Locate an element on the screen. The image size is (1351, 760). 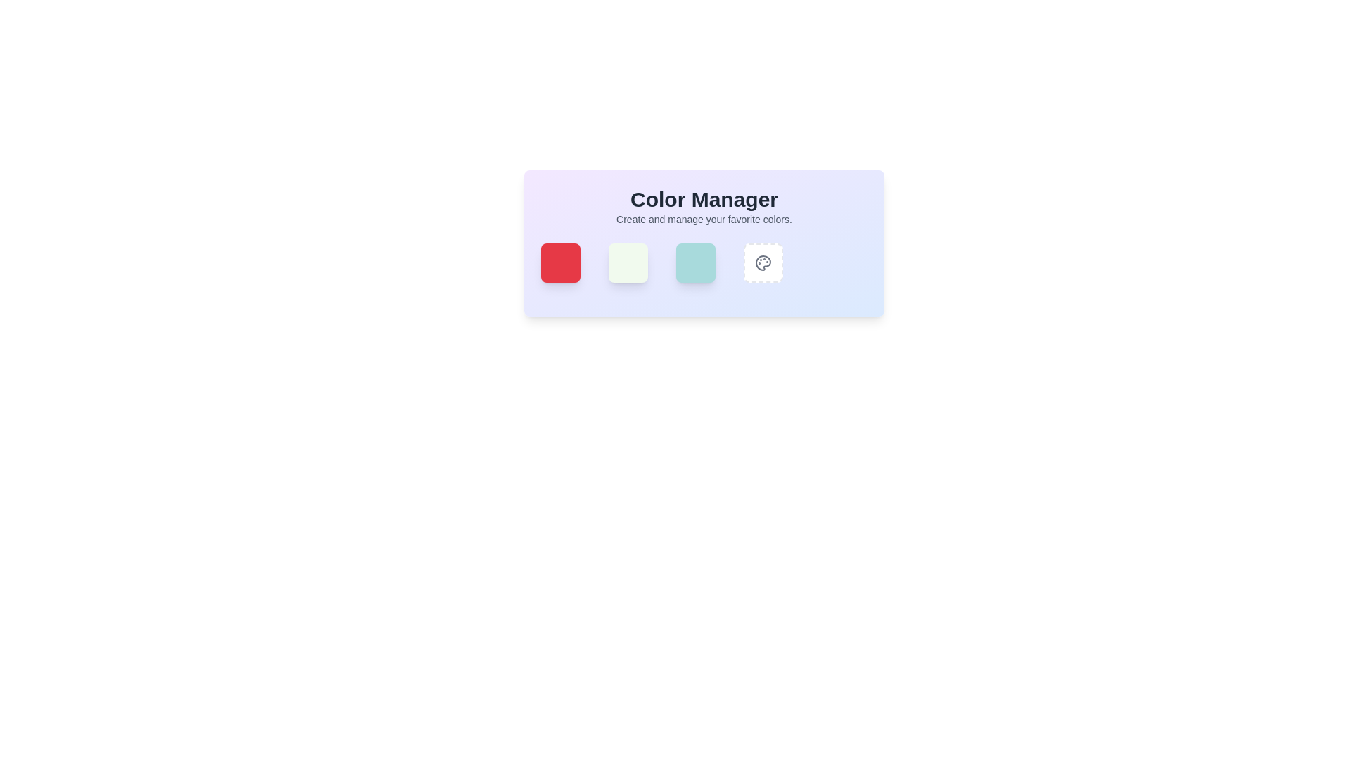
the third decorative color tile in the Color Manager interface is located at coordinates (704, 243).